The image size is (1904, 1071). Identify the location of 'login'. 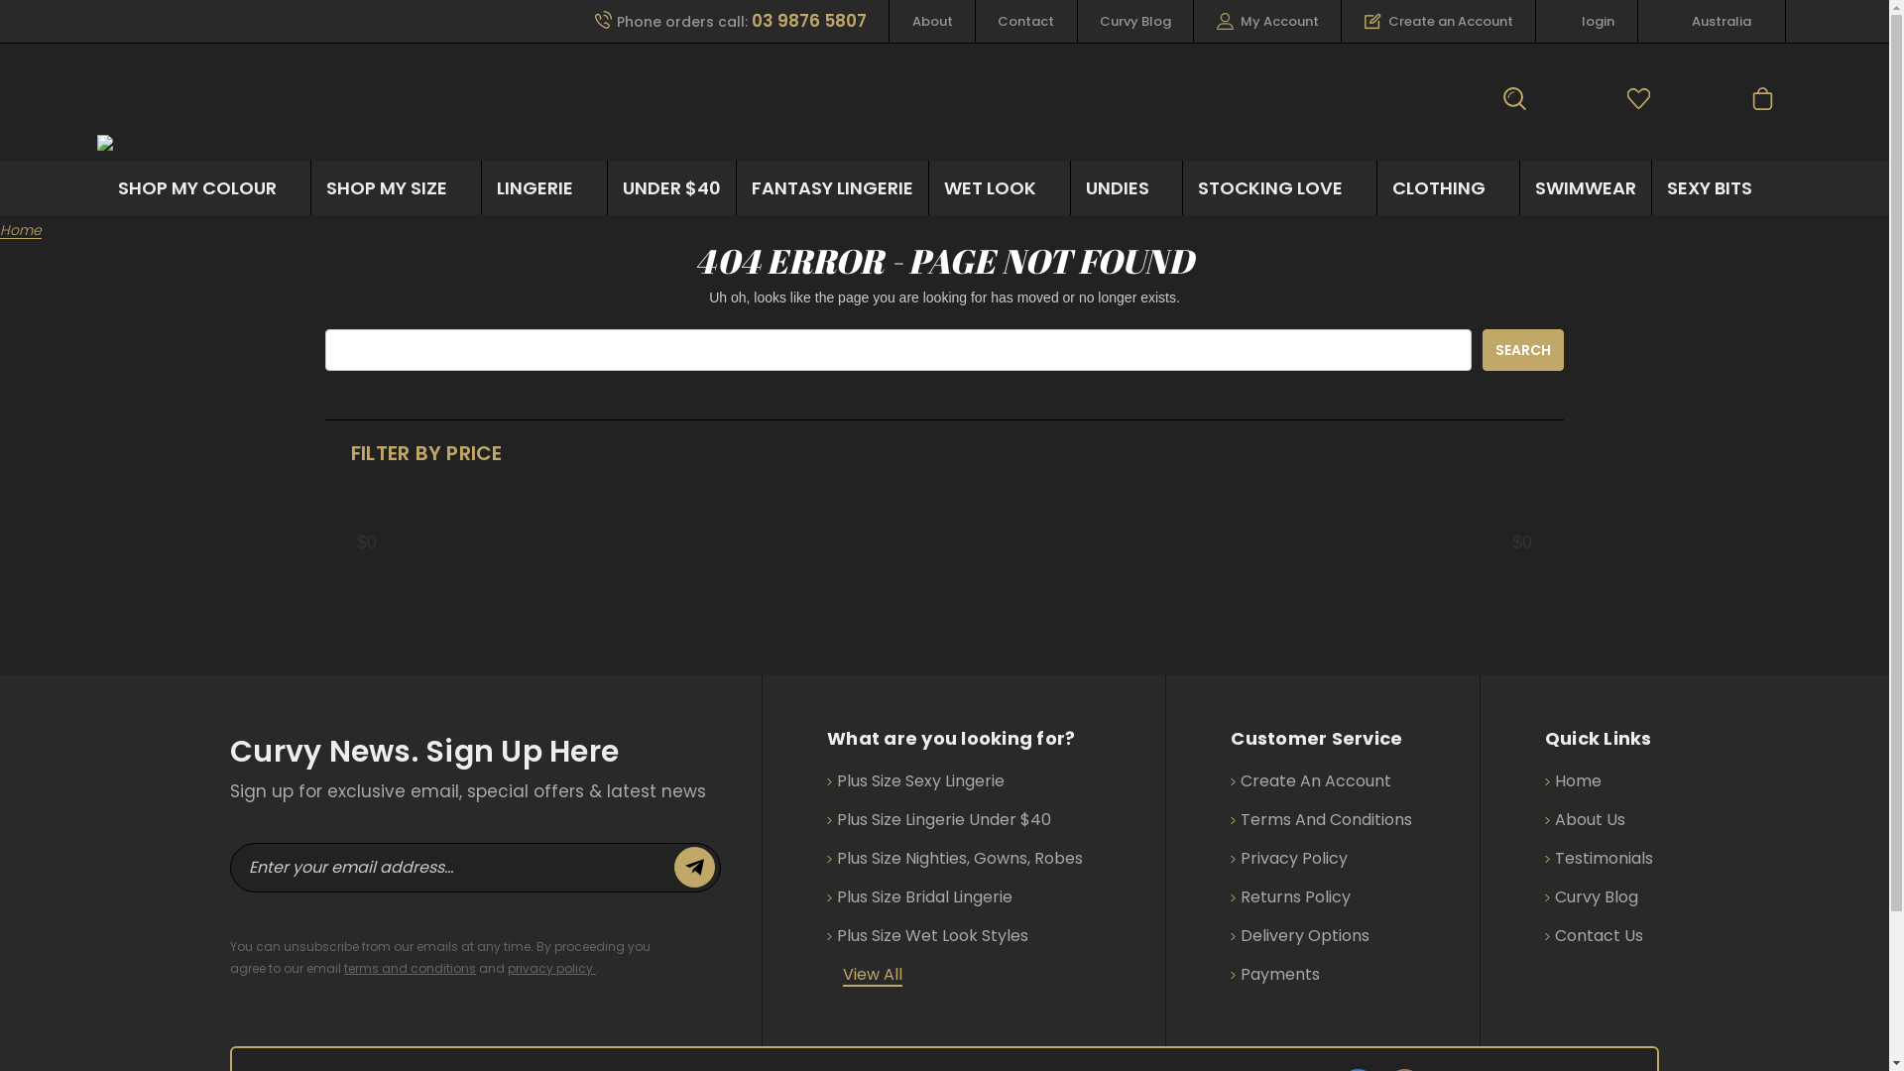
(1585, 21).